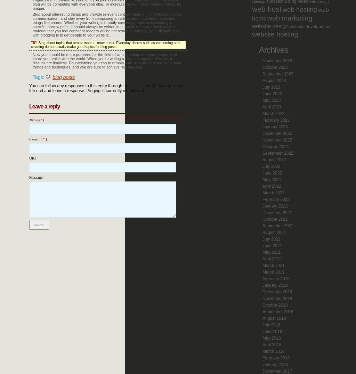 The height and width of the screenshot is (374, 356). Describe the element at coordinates (275, 126) in the screenshot. I see `'January 2023'` at that location.